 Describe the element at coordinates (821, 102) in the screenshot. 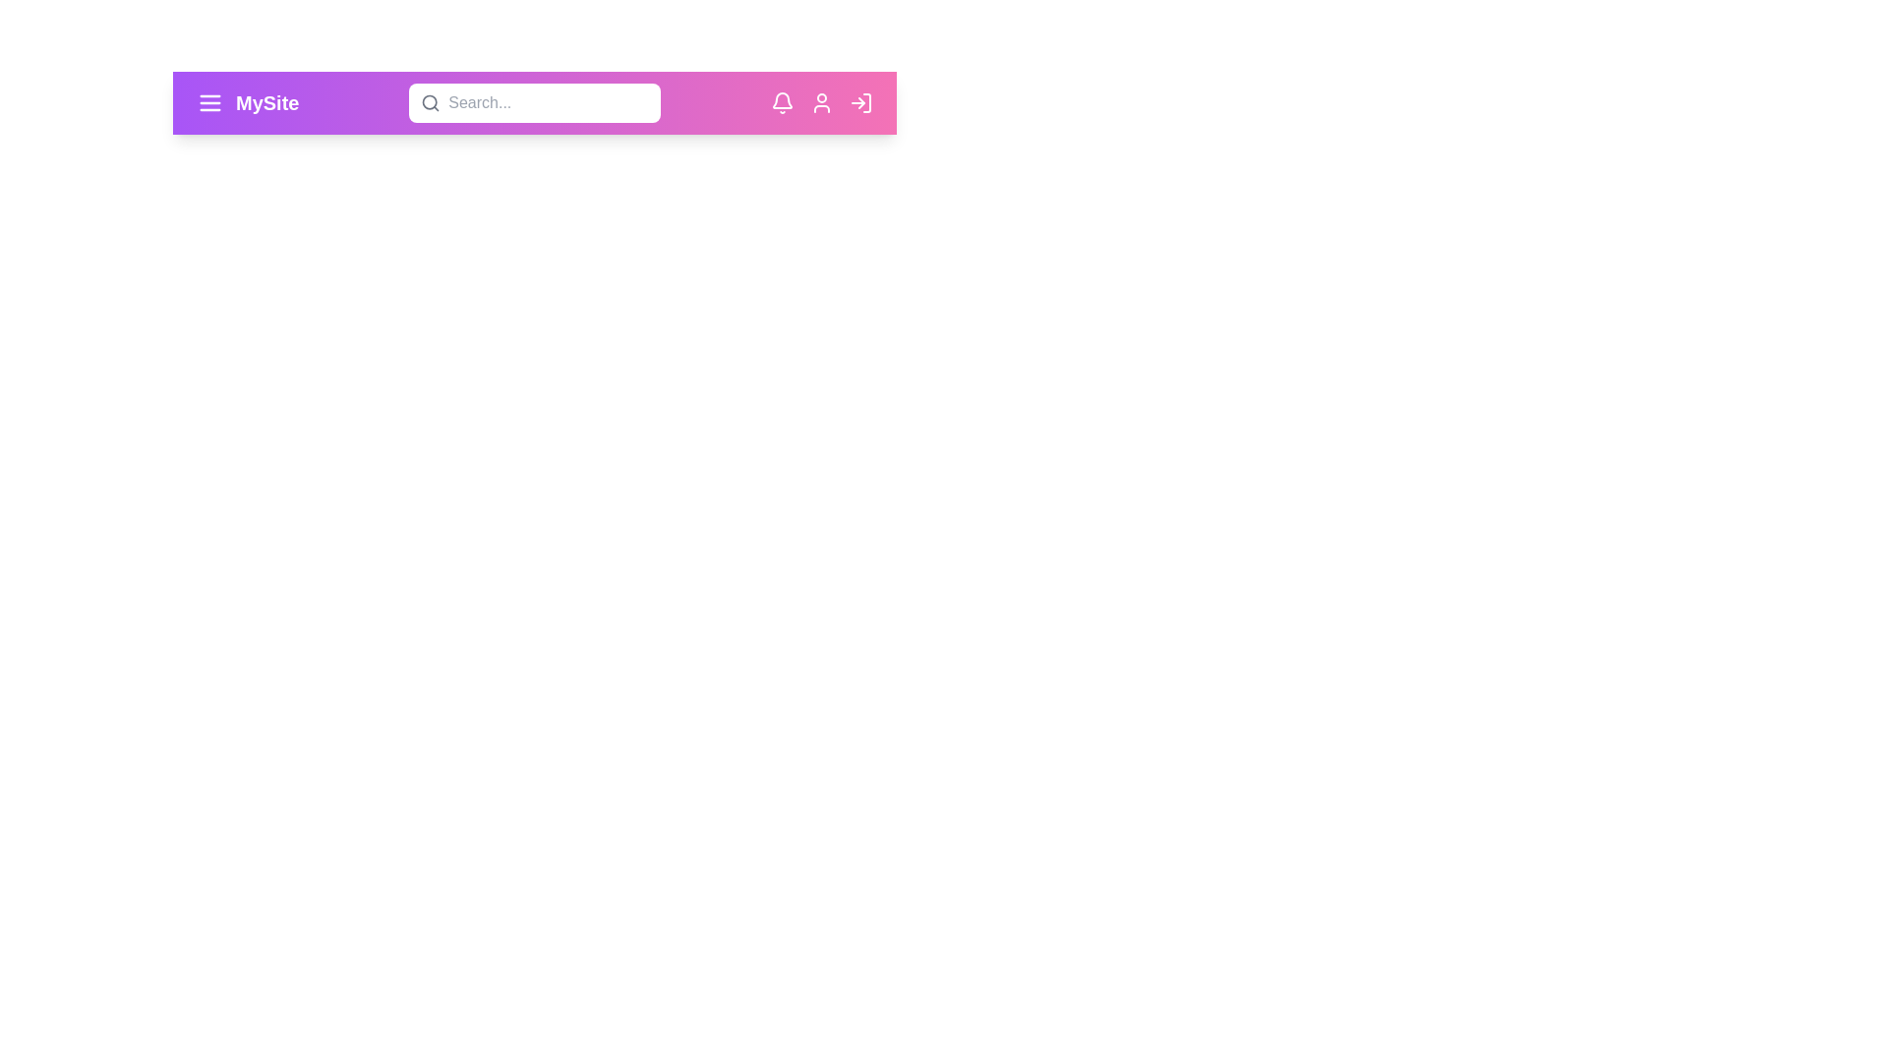

I see `the user icon to access the user profile` at that location.